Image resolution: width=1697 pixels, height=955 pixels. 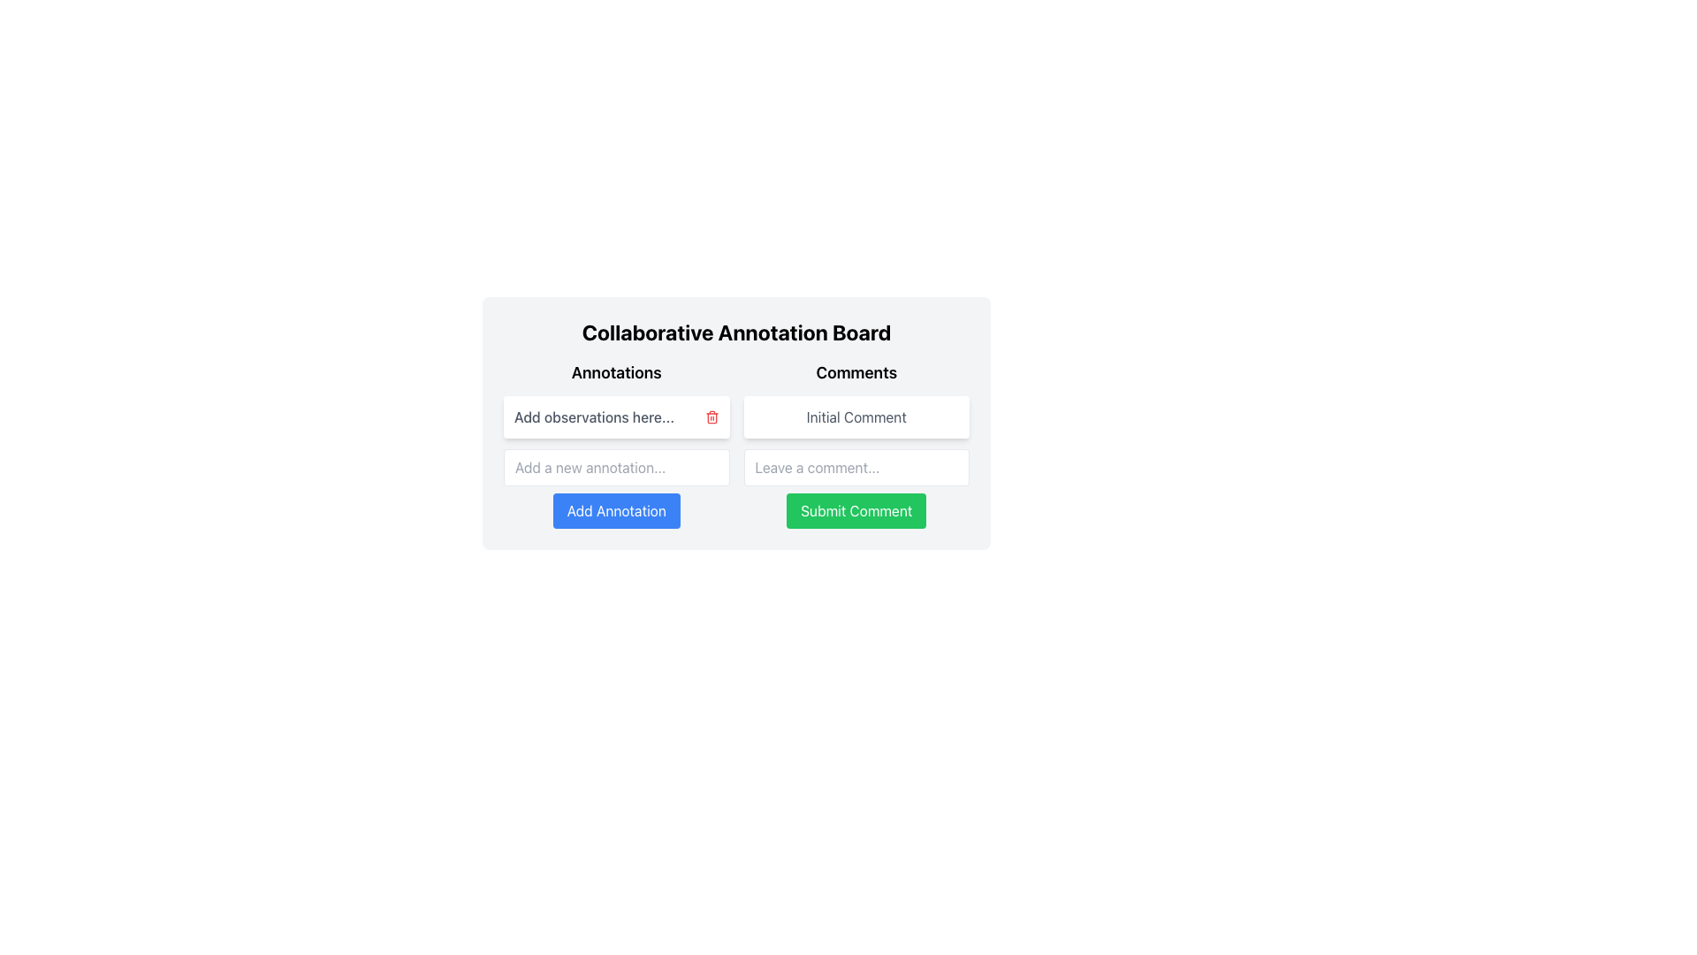 What do you see at coordinates (856, 488) in the screenshot?
I see `the 'Submit Comment' button, which is a green rectangular button with white text and a rounded border, located below the 'Leave a comment...' input field in the 'Comments' section` at bounding box center [856, 488].